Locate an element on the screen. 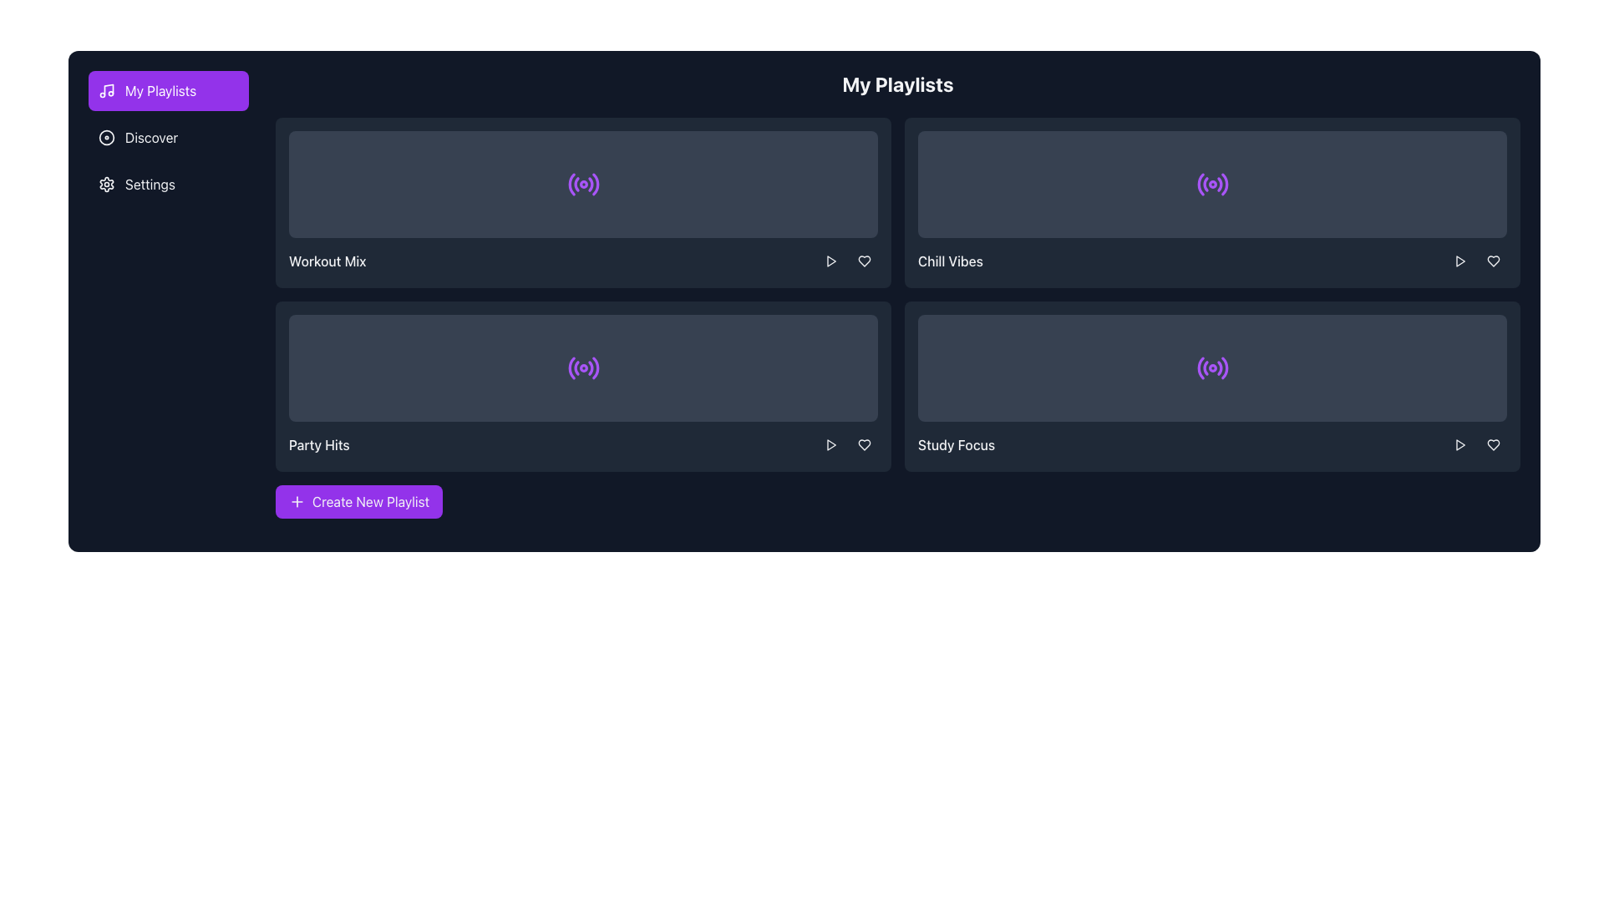  the 'My Playlists' button in the vertical navigation bar is located at coordinates (160, 90).